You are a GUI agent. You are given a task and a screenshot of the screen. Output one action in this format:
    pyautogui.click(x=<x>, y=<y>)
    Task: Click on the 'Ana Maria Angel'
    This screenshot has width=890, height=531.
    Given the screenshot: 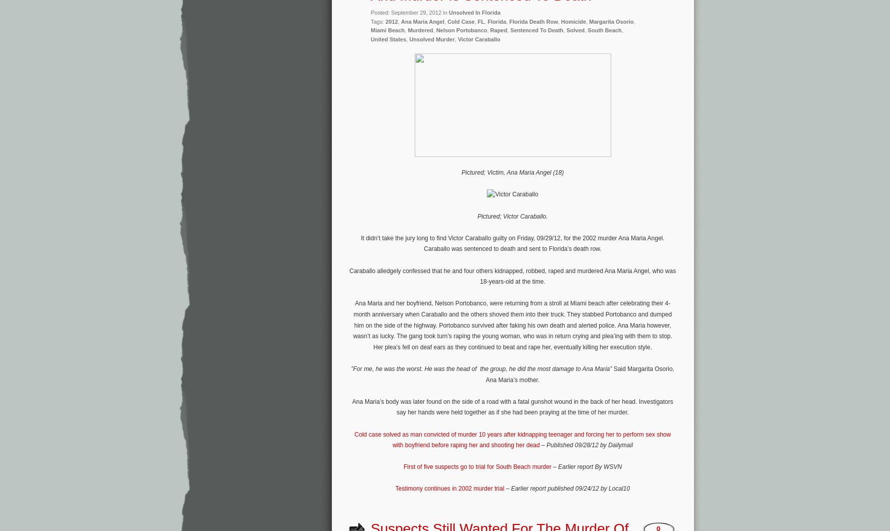 What is the action you would take?
    pyautogui.click(x=422, y=21)
    